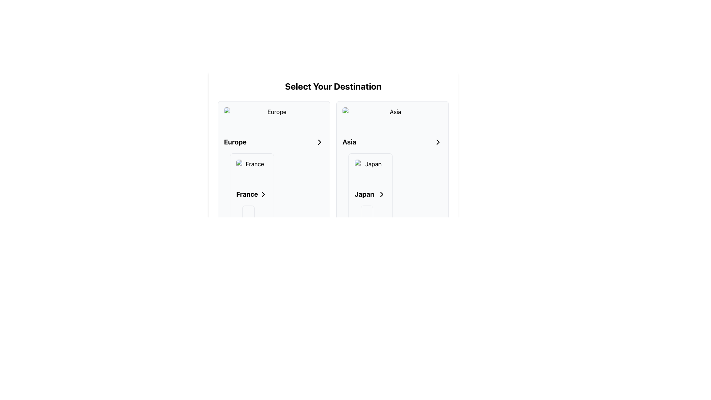 Image resolution: width=711 pixels, height=400 pixels. What do you see at coordinates (392, 185) in the screenshot?
I see `the 'Japan' navigation card located in the Asia category for keyboard navigation` at bounding box center [392, 185].